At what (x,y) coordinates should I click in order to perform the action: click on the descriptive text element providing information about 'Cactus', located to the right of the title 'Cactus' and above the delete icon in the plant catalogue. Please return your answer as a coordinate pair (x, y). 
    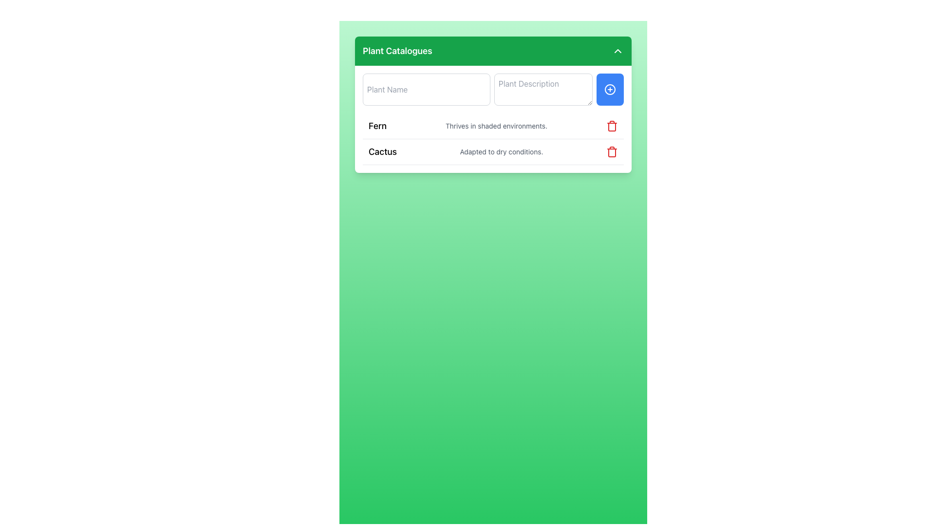
    Looking at the image, I should click on (502, 152).